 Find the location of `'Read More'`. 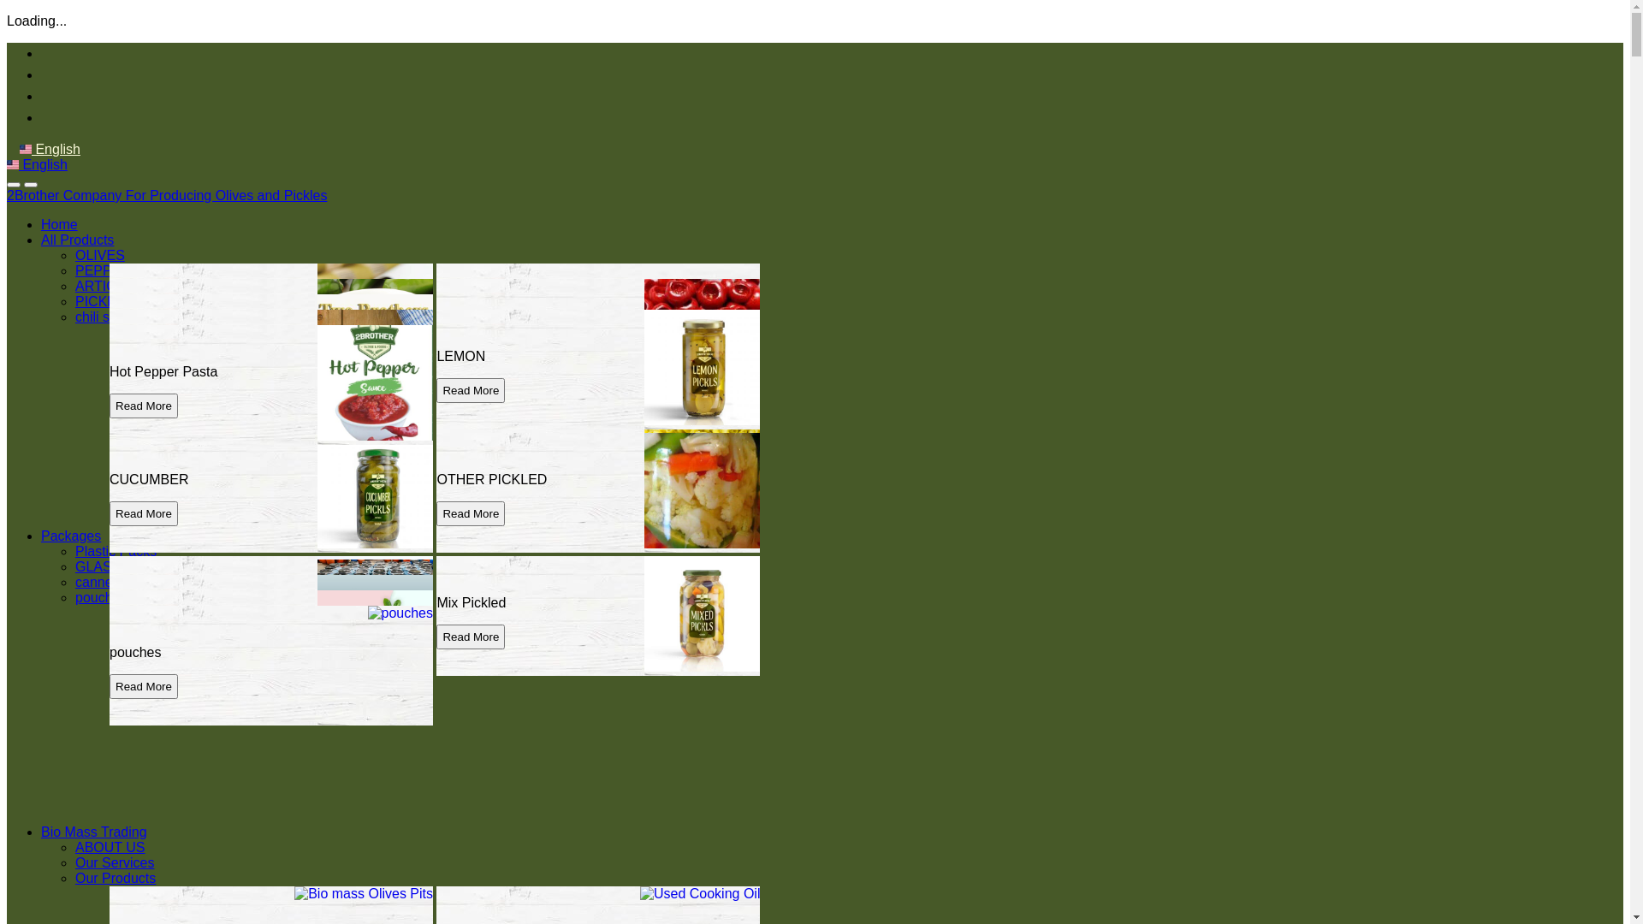

'Read More' is located at coordinates (436, 483).